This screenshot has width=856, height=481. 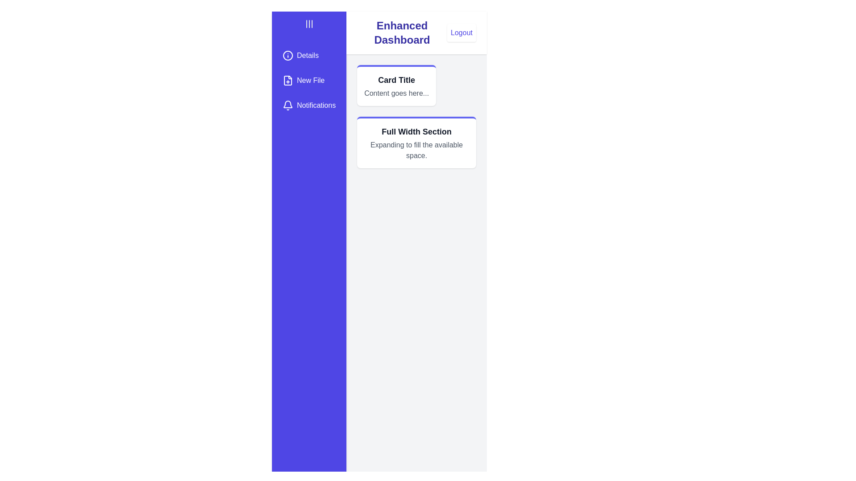 What do you see at coordinates (311, 81) in the screenshot?
I see `the 'New File' text label in the vertical navigation menu` at bounding box center [311, 81].